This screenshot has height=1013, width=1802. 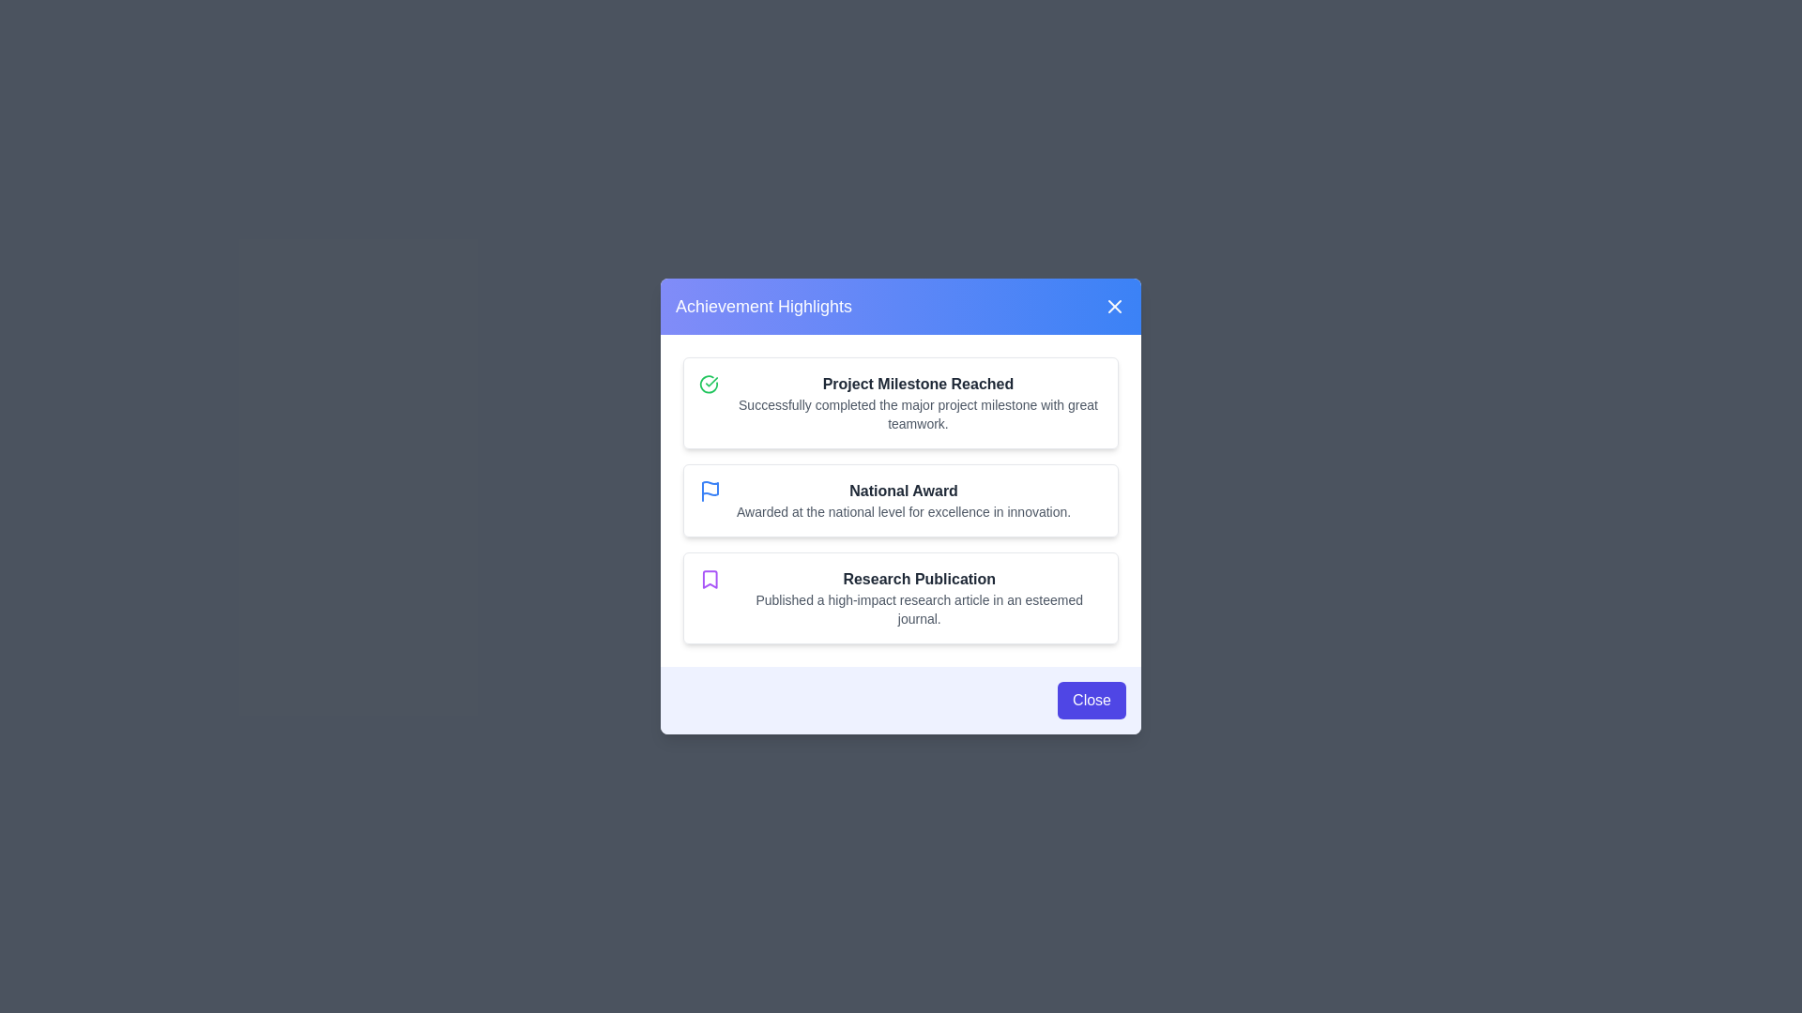 What do you see at coordinates (904, 499) in the screenshot?
I see `the informative text element titled 'National Award' which includes the subtitle 'Awarded at the national level for excellence in innovation.'` at bounding box center [904, 499].